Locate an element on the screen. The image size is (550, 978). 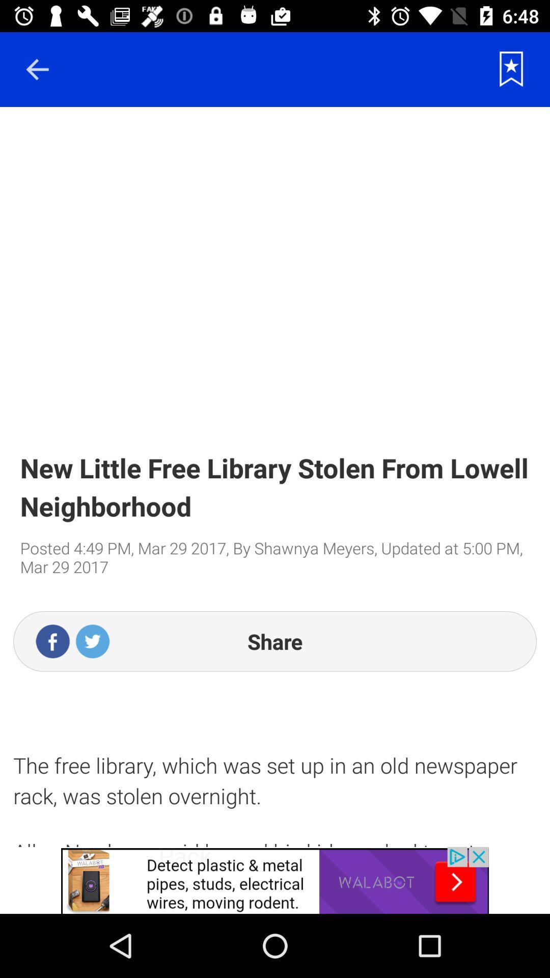
the bookmark icon is located at coordinates (511, 69).